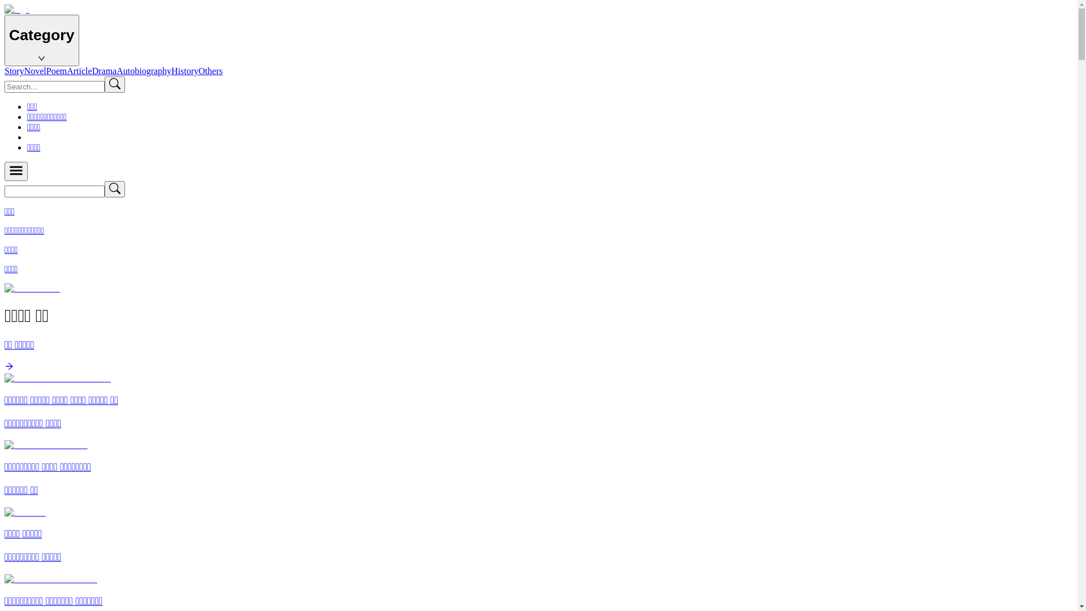 The width and height of the screenshot is (1086, 611). Describe the element at coordinates (143, 71) in the screenshot. I see `'Autobiography'` at that location.